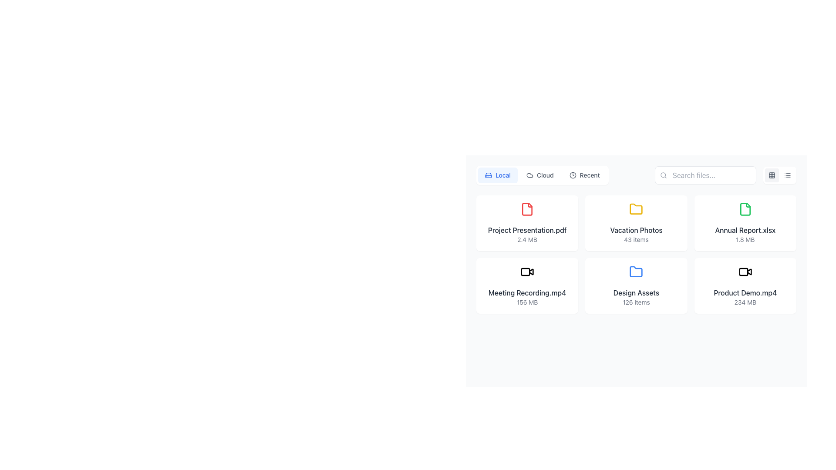  I want to click on the layout toggle buttons on the navigation bar to switch the file display style, so click(636, 175).